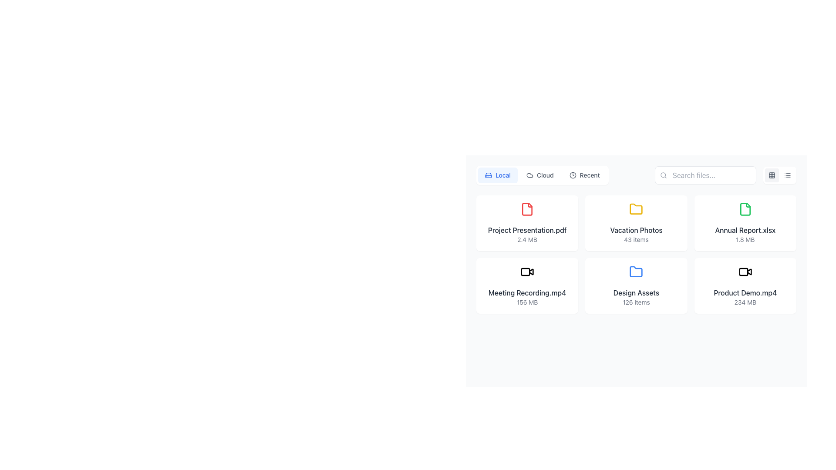  I want to click on the layout toggle buttons on the navigation bar to switch the file display style, so click(636, 175).